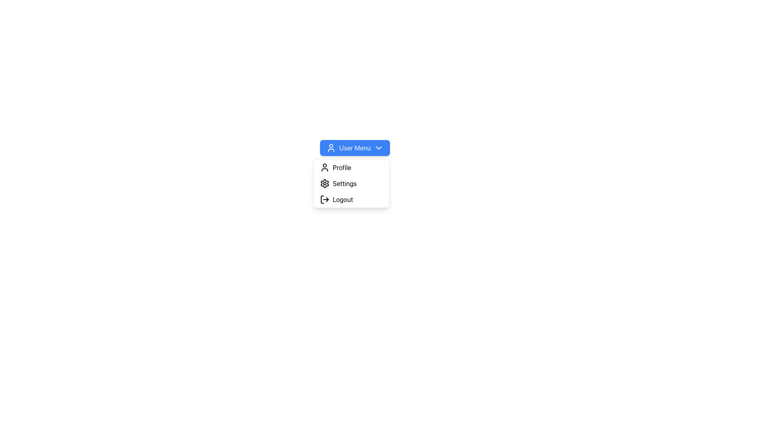  Describe the element at coordinates (378, 148) in the screenshot. I see `the downward-pointing chevron icon located to the right of the 'User Menu' text in the blue button` at that location.